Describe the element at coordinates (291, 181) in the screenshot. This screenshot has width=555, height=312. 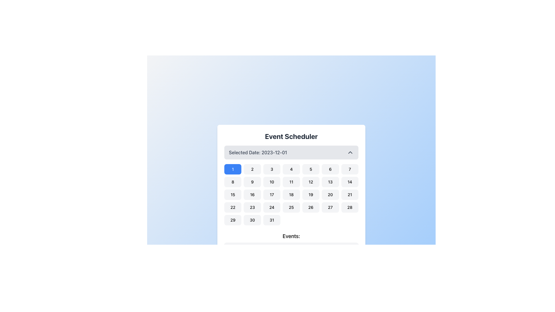
I see `the square button with rounded corners containing the number '11' to change its background color from light gray to blue` at that location.